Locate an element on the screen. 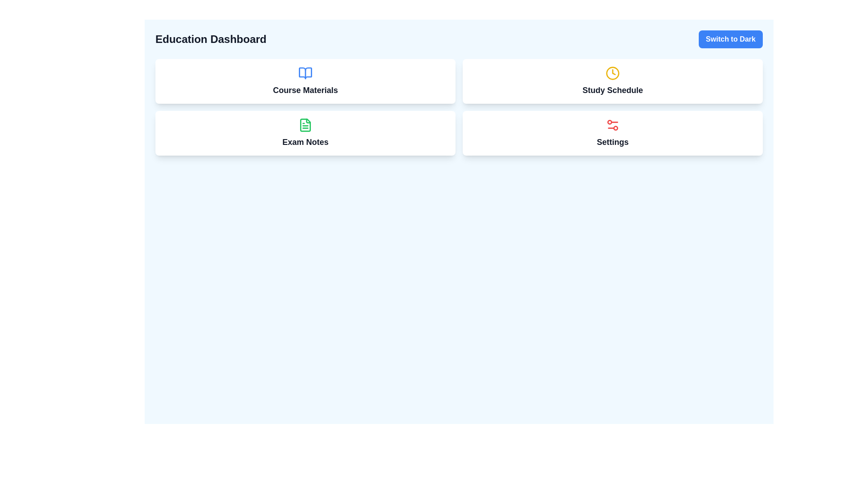  the clock icon located at the top-center of the 'Study Schedule' panel, which represents schedules or time management is located at coordinates (612, 73).